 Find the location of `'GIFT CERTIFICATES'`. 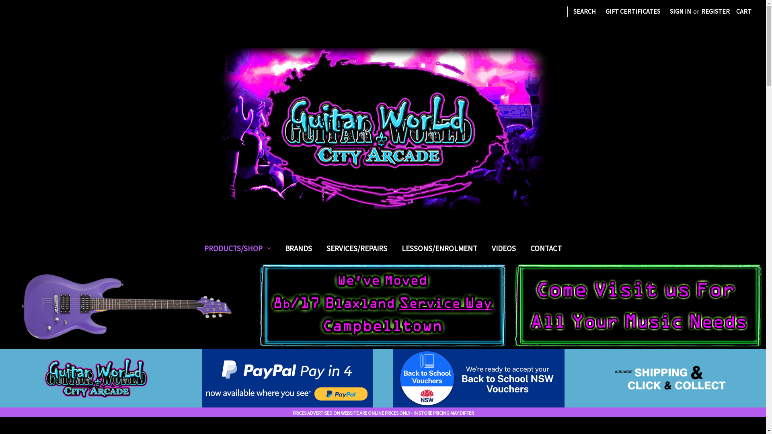

'GIFT CERTIFICATES' is located at coordinates (632, 11).